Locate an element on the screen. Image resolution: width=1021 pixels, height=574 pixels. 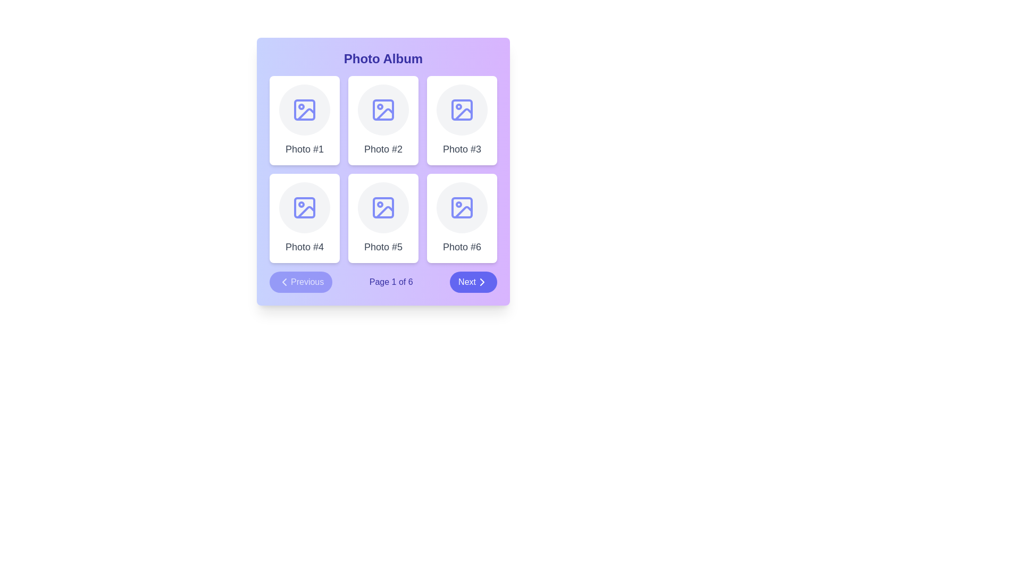
the Item card in the second row, first column of the photo album is located at coordinates (304, 218).